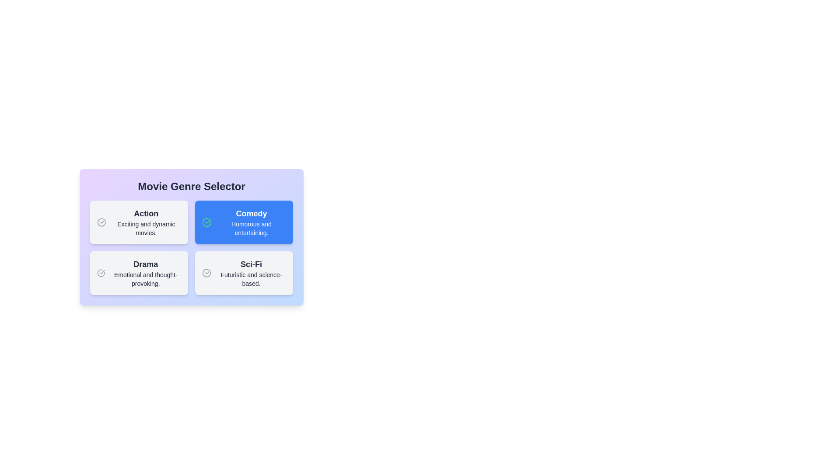 The image size is (840, 472). I want to click on the genre card labeled Sci-Fi, so click(244, 272).